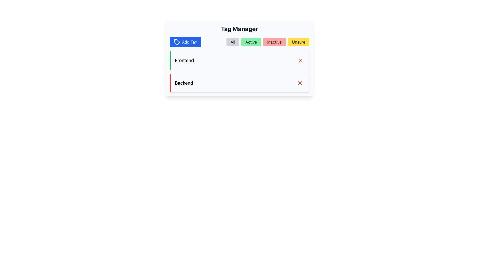 This screenshot has height=277, width=493. Describe the element at coordinates (300, 60) in the screenshot. I see `the red cross icon which is part of an SVG graphic` at that location.